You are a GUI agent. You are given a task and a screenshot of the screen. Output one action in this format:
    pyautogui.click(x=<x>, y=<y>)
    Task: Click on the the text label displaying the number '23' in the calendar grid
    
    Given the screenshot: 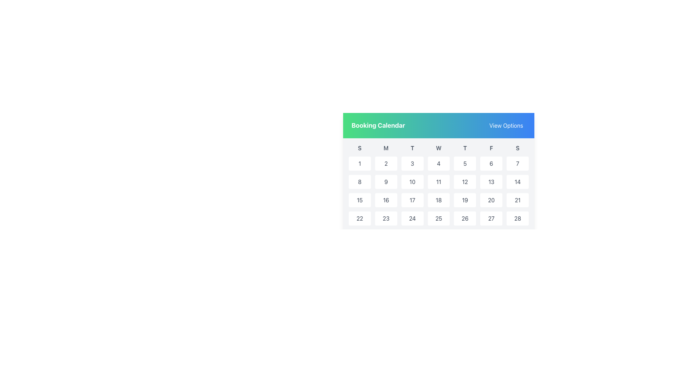 What is the action you would take?
    pyautogui.click(x=386, y=218)
    